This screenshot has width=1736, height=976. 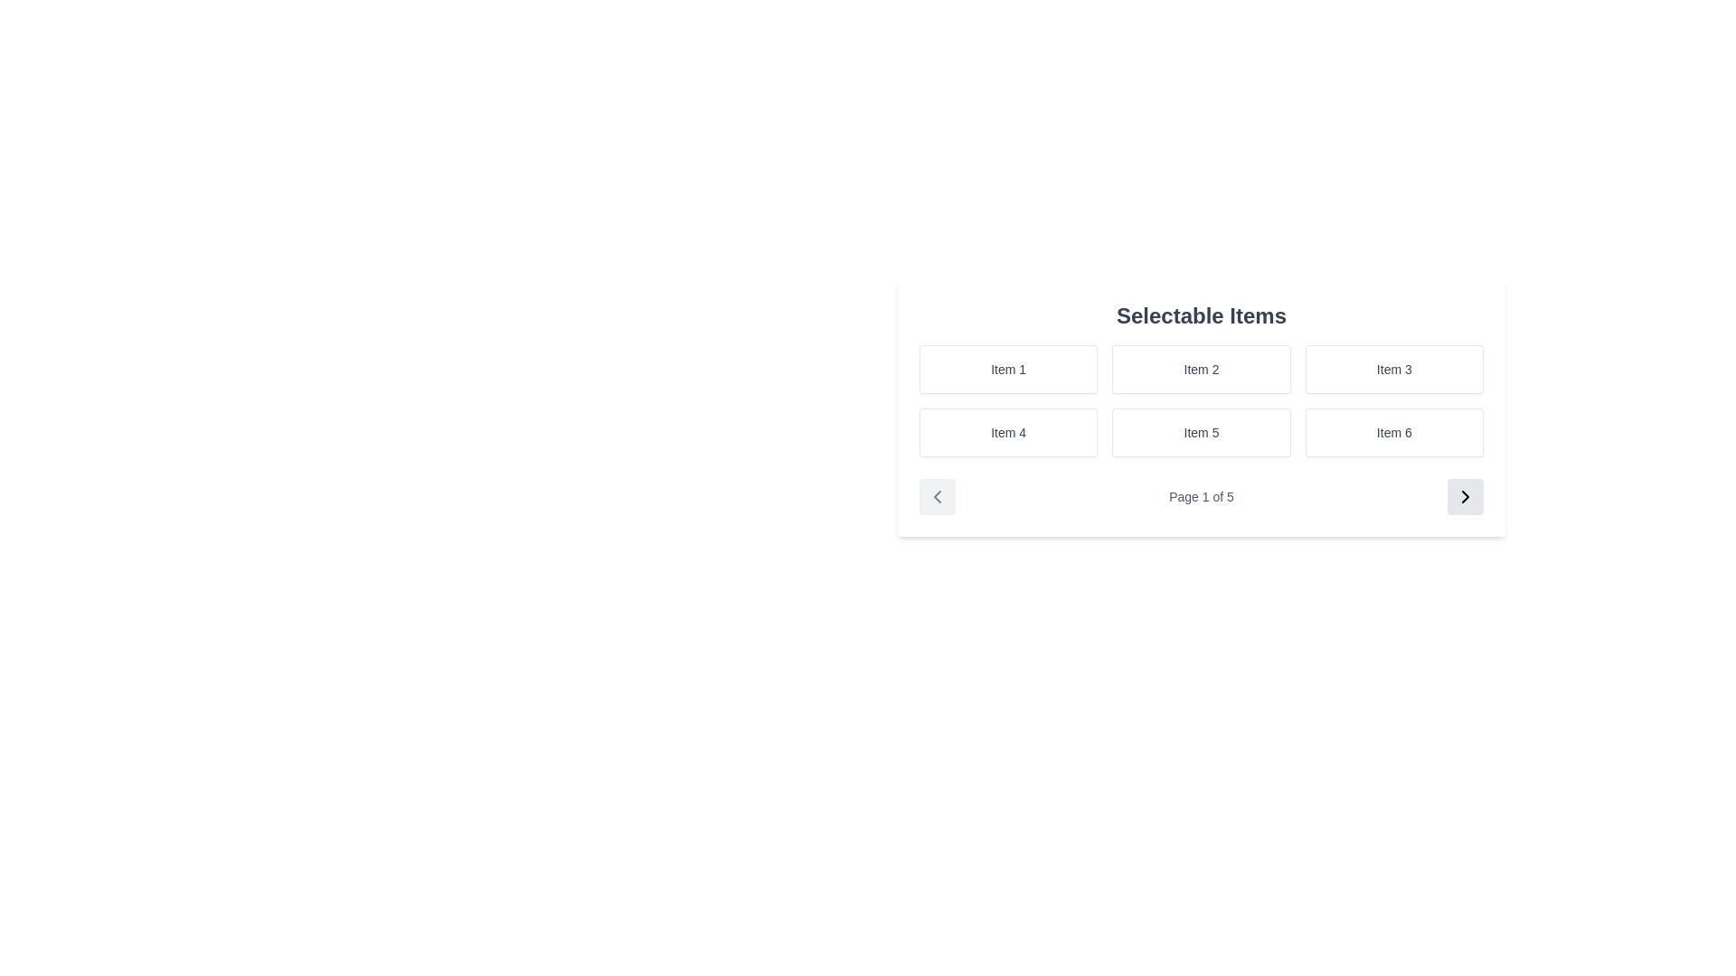 What do you see at coordinates (1393, 432) in the screenshot?
I see `text content of the TextLabel that indicates 'Item 6', located in the last column of the second row in a grid of selectable items` at bounding box center [1393, 432].